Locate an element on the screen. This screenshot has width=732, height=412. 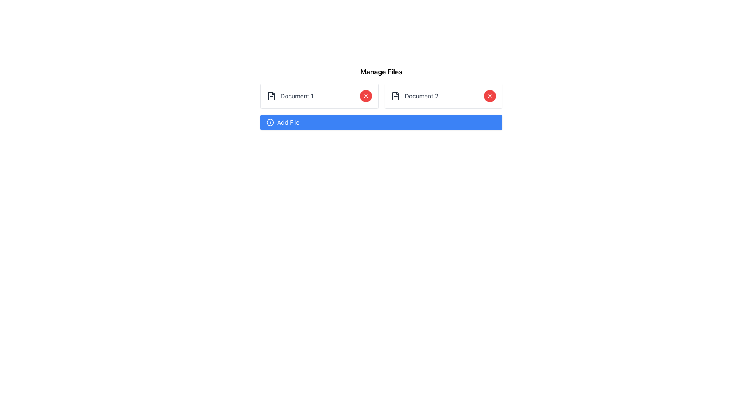
the SVG circle element that serves as a focal point in the icon next to the 'Add File' button is located at coordinates (270, 122).